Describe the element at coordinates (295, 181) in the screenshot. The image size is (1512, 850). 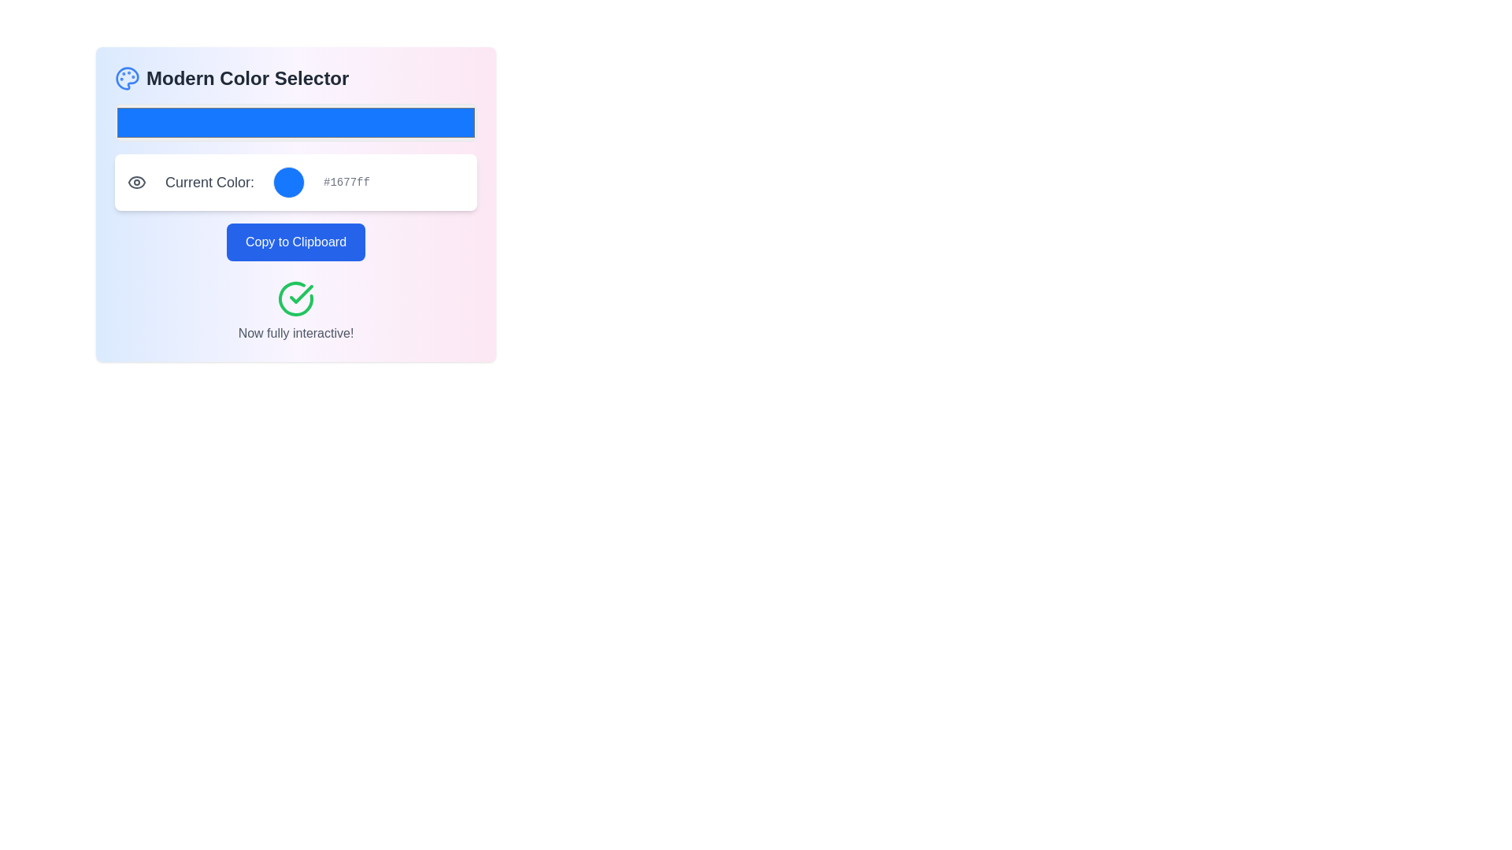
I see `the color code displayed in the Informational Card element that includes the text 'Current Color:', a blue-filled circular color indicator, and the hex color code '#1677ff'` at that location.